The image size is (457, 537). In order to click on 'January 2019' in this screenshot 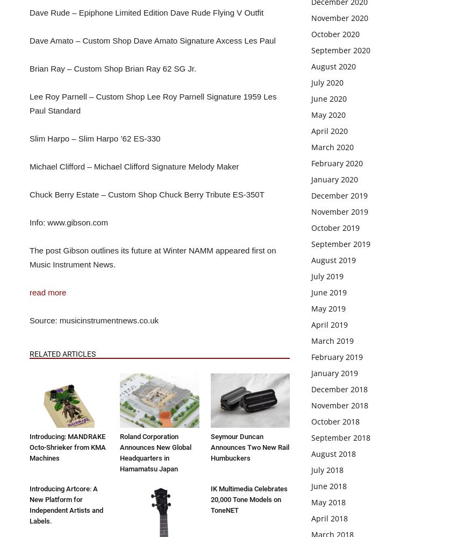, I will do `click(311, 372)`.